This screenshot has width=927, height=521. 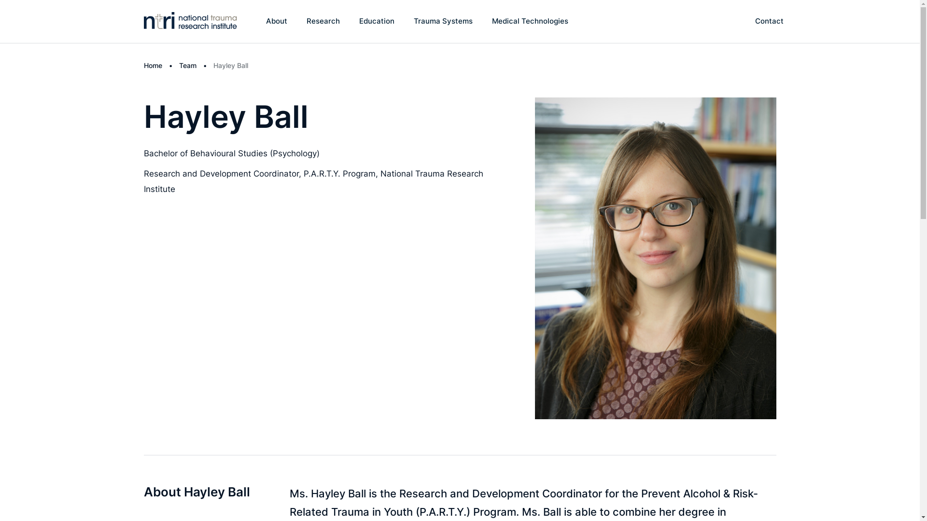 I want to click on 'Team', so click(x=178, y=65).